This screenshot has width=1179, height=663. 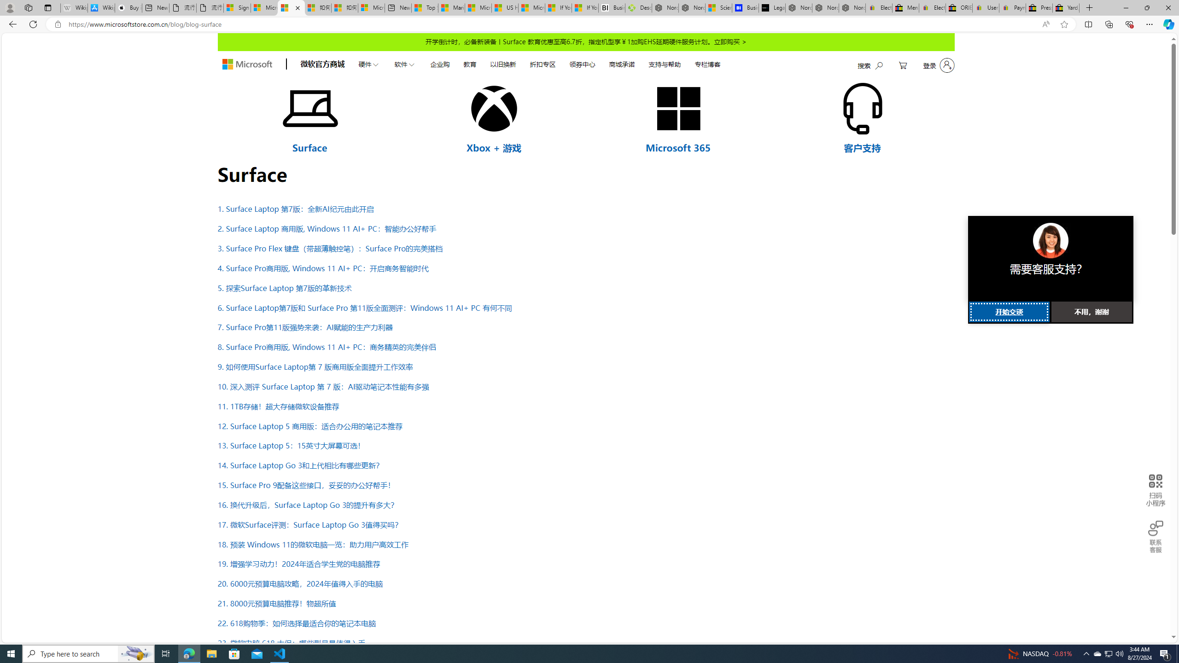 I want to click on 'My Cart', so click(x=903, y=65).